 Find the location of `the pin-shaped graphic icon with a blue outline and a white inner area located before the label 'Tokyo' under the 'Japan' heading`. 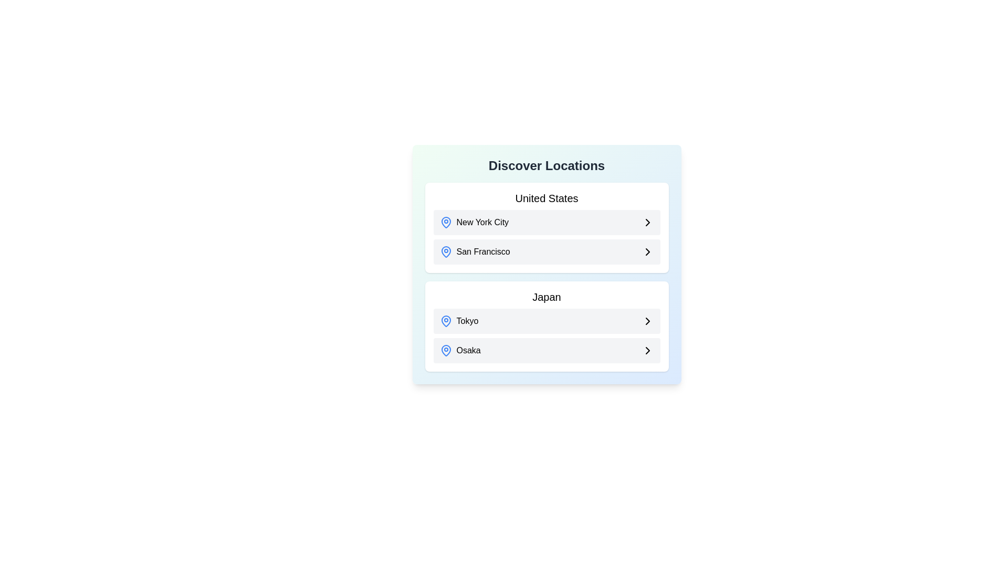

the pin-shaped graphic icon with a blue outline and a white inner area located before the label 'Tokyo' under the 'Japan' heading is located at coordinates (446, 321).